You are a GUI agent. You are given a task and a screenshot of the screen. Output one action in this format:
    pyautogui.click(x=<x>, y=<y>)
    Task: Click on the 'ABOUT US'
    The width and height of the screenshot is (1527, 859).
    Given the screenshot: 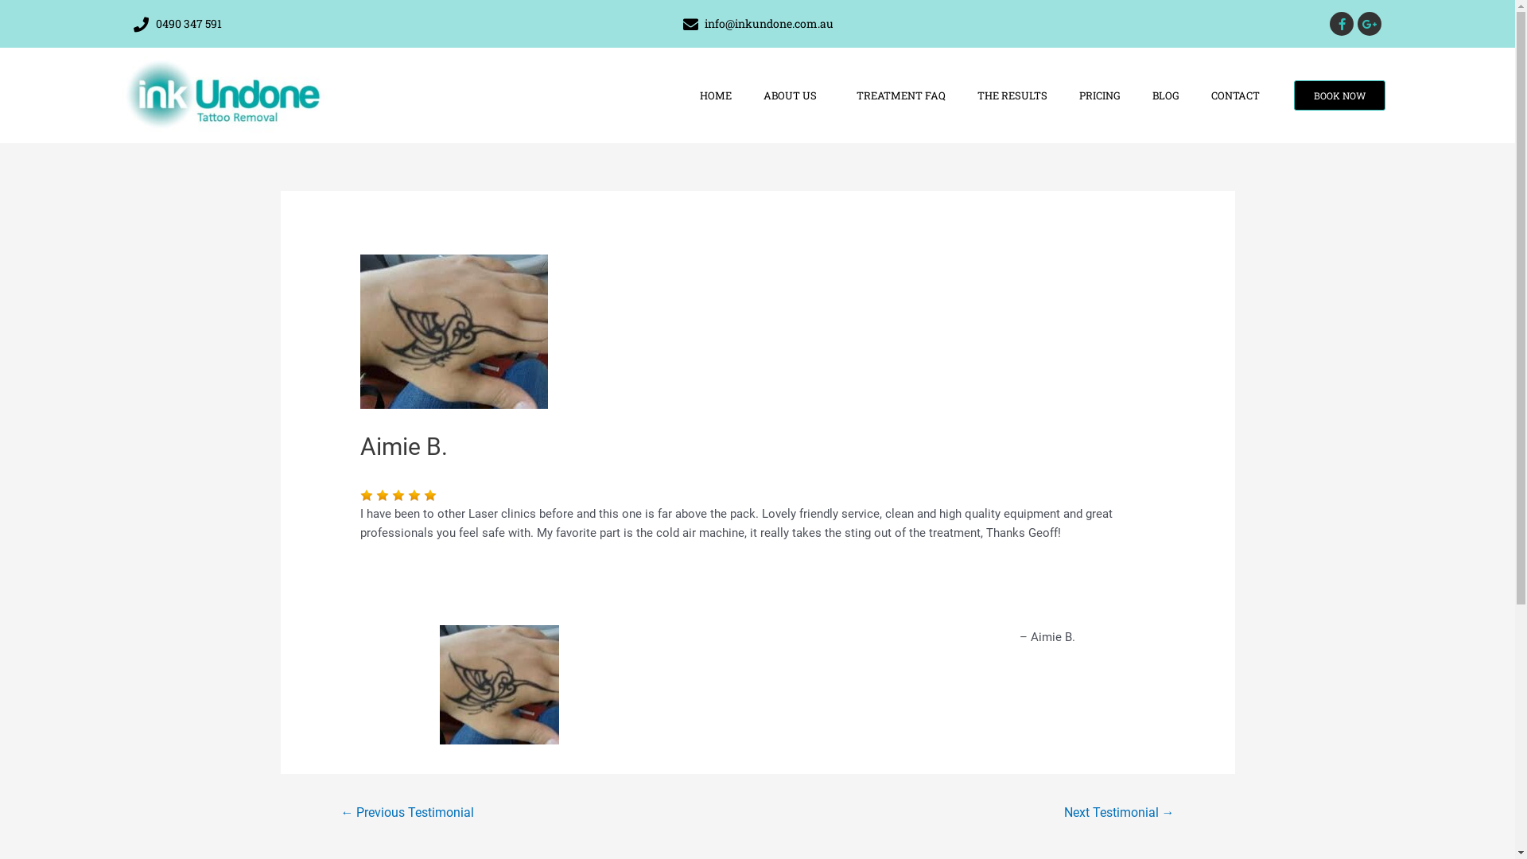 What is the action you would take?
    pyautogui.click(x=794, y=95)
    